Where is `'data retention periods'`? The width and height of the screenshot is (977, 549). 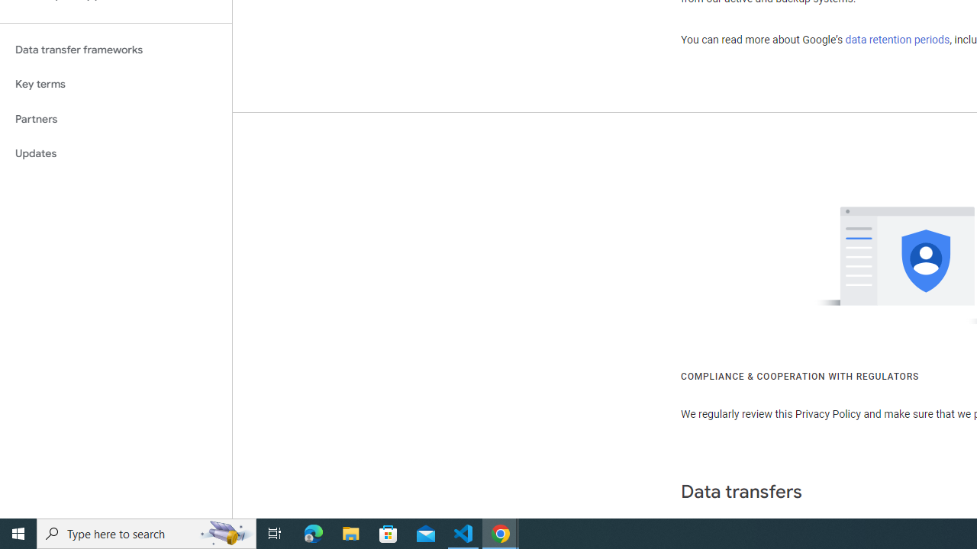 'data retention periods' is located at coordinates (898, 39).